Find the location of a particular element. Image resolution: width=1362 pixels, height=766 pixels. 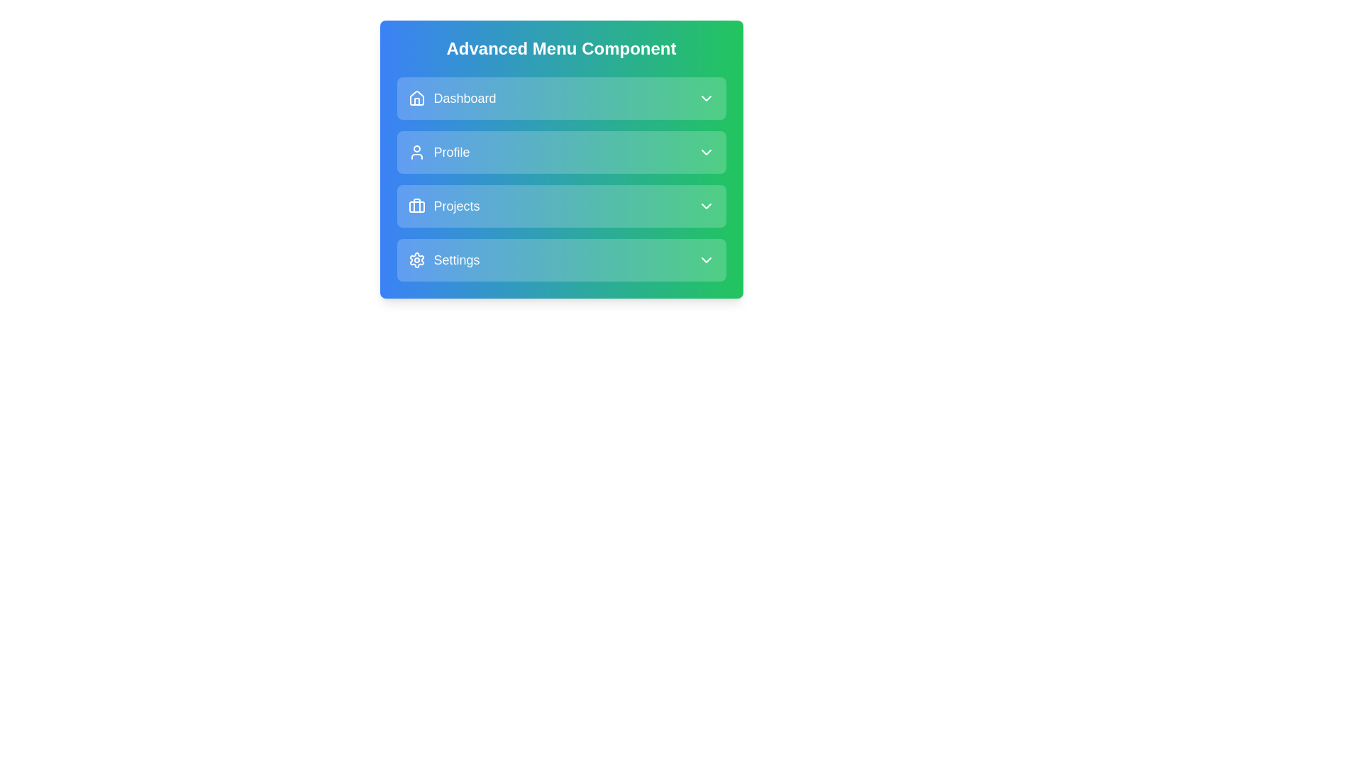

the topmost menu item in the vertical menu layout is located at coordinates (560, 97).